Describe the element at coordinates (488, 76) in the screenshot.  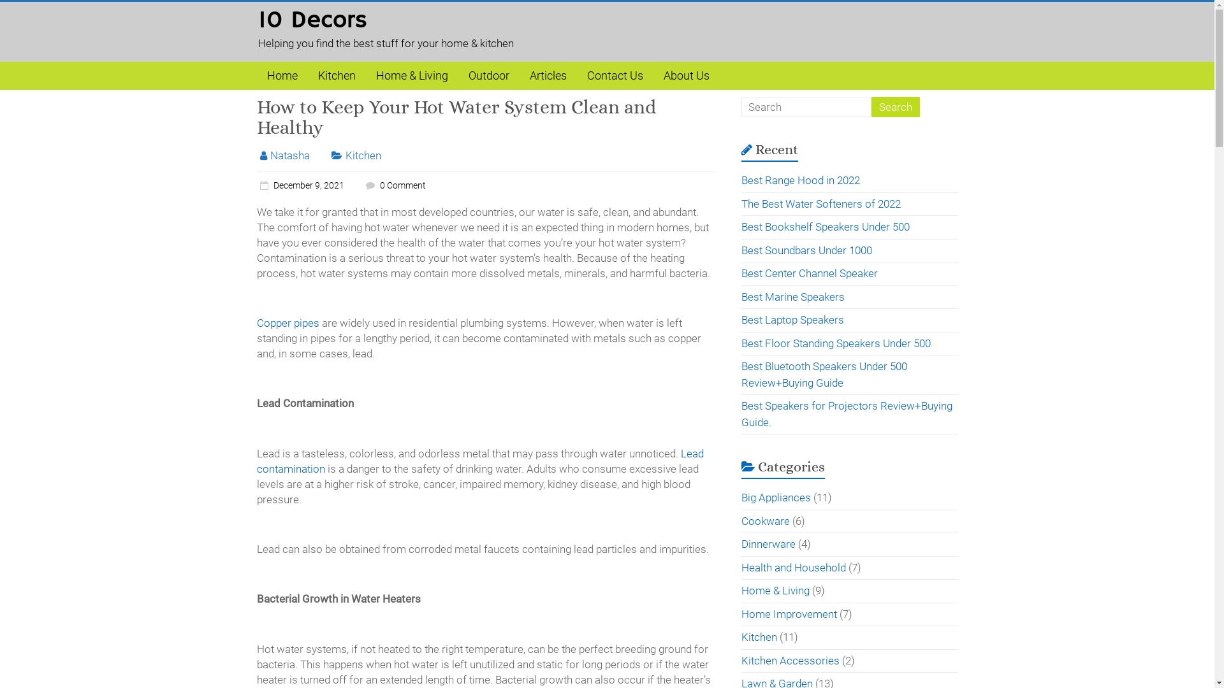
I see `'Outdoor'` at that location.